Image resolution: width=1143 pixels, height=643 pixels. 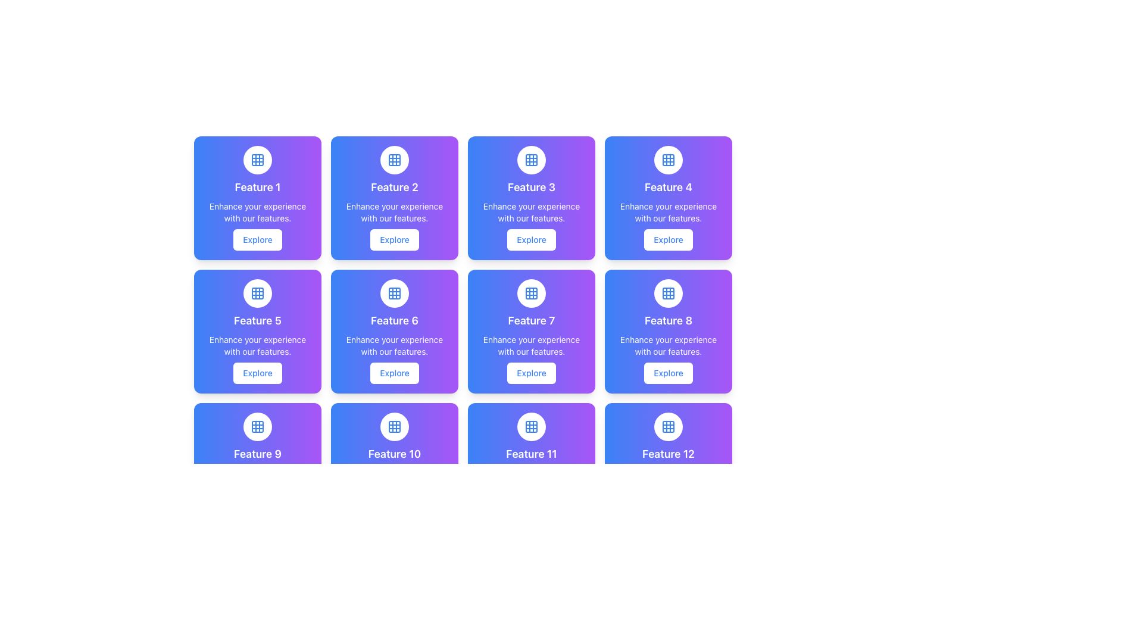 I want to click on the 'Explore' button with a white background and blue text located in the 'Feature 8' card, so click(x=669, y=373).